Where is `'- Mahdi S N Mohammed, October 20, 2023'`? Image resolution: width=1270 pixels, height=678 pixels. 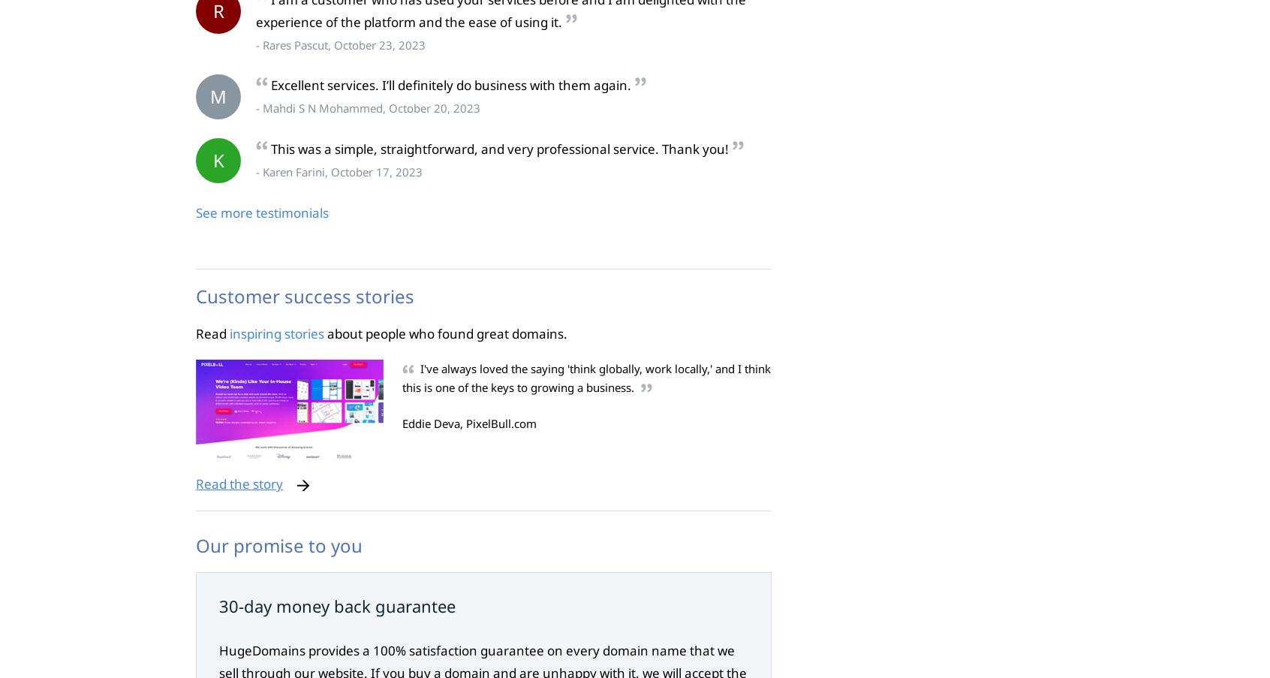
'- Mahdi S N Mohammed, October 20, 2023' is located at coordinates (367, 107).